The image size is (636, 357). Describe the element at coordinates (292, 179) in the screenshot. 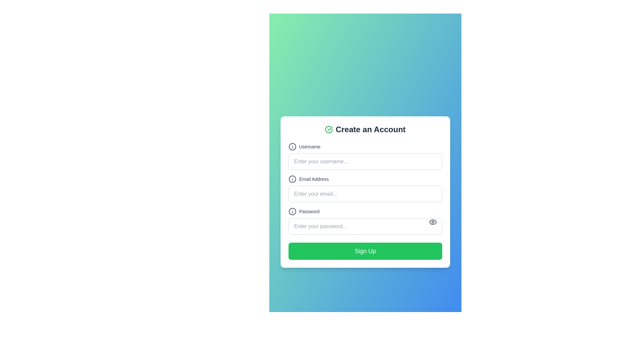

I see `the informational icon next to the 'Email Address' field in the account creation form` at that location.